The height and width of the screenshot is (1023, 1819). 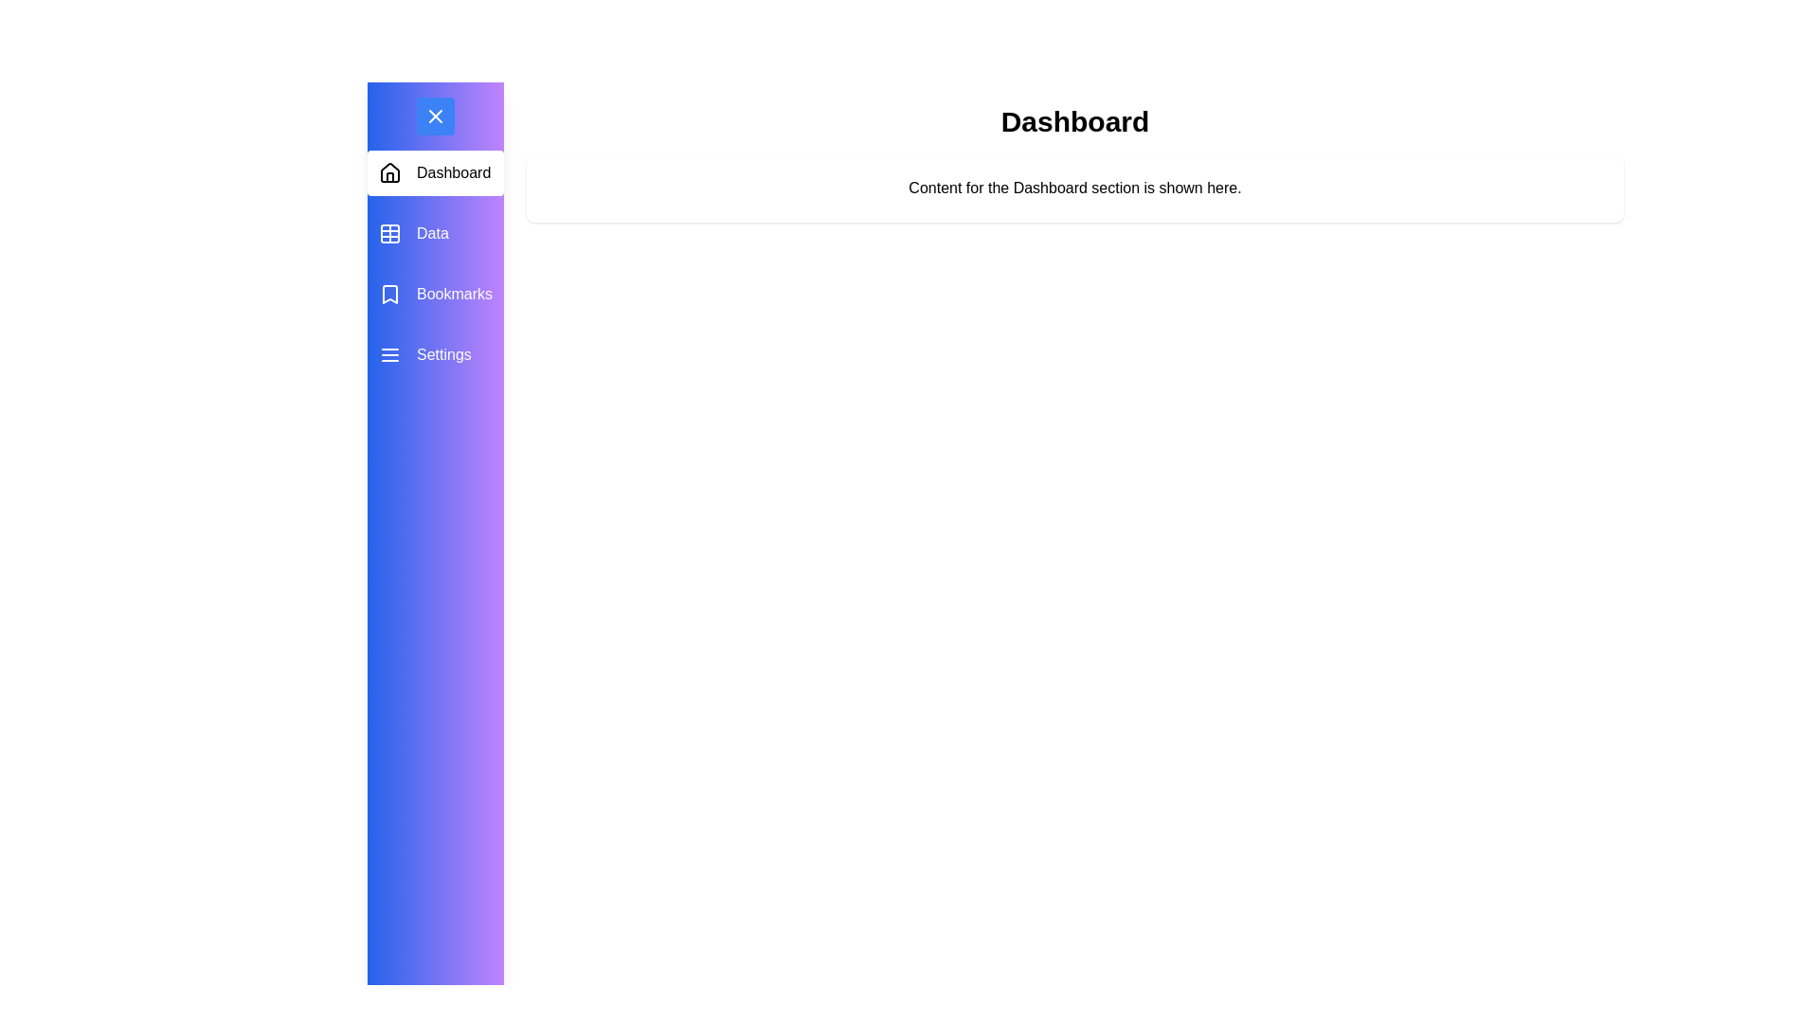 What do you see at coordinates (435, 232) in the screenshot?
I see `the menu item Data from the drawer` at bounding box center [435, 232].